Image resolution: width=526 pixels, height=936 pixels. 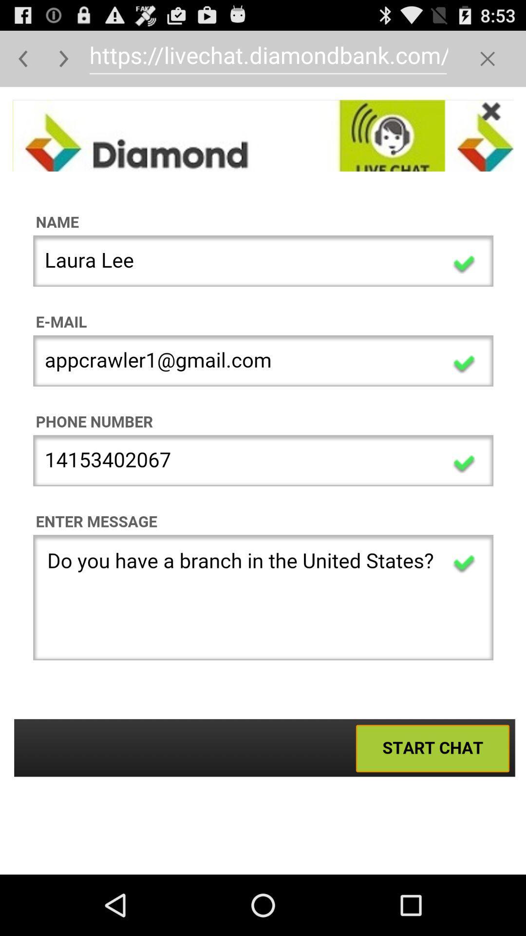 I want to click on address page, so click(x=263, y=481).